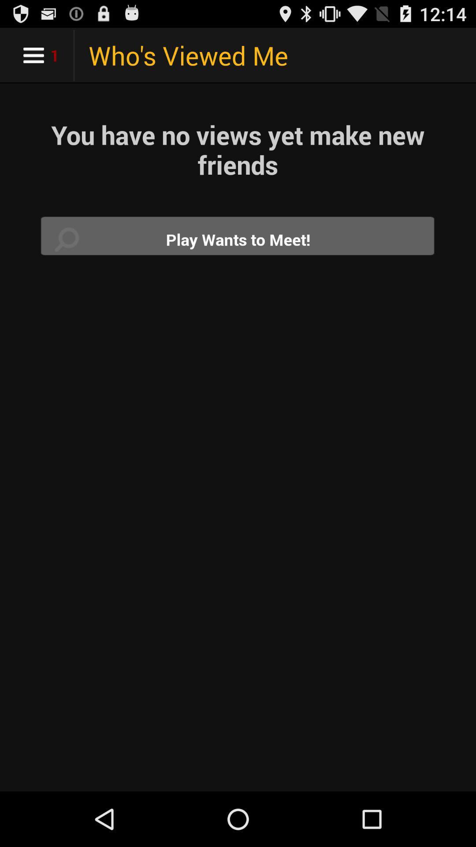 The image size is (476, 847). What do you see at coordinates (238, 239) in the screenshot?
I see `search option` at bounding box center [238, 239].